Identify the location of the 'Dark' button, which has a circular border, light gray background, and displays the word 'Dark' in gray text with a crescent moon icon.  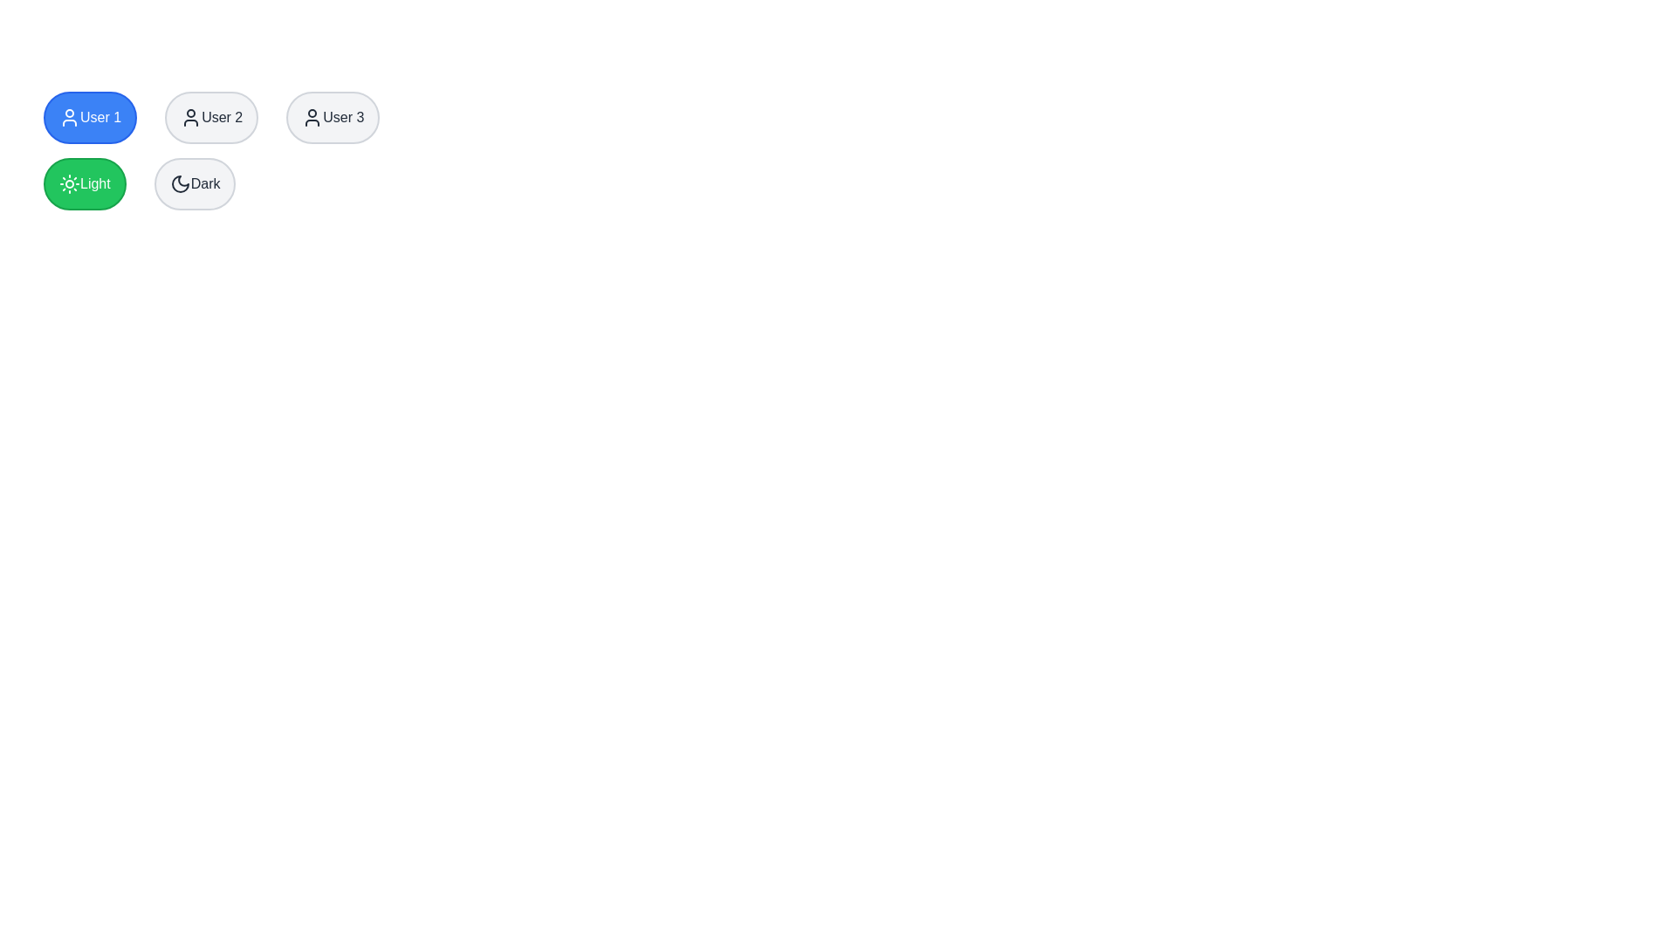
(195, 184).